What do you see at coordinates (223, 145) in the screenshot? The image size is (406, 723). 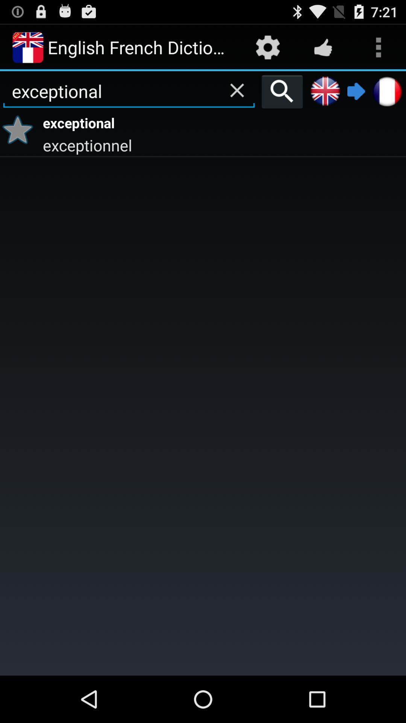 I see `the item below exceptional app` at bounding box center [223, 145].